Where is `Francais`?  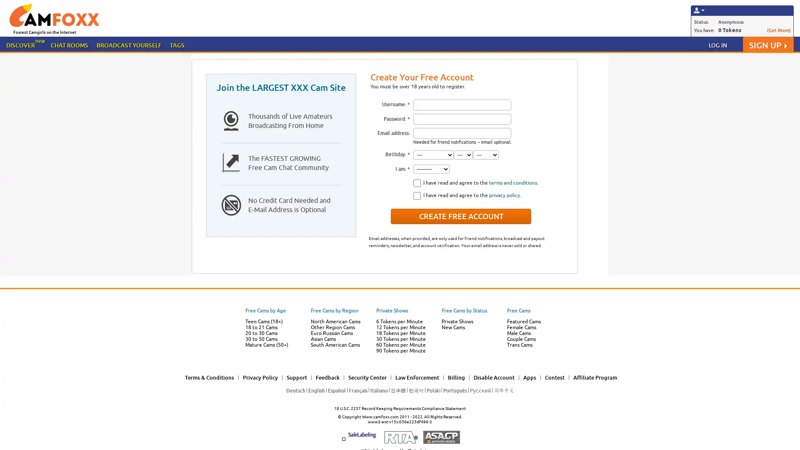
Francais is located at coordinates (358, 390).